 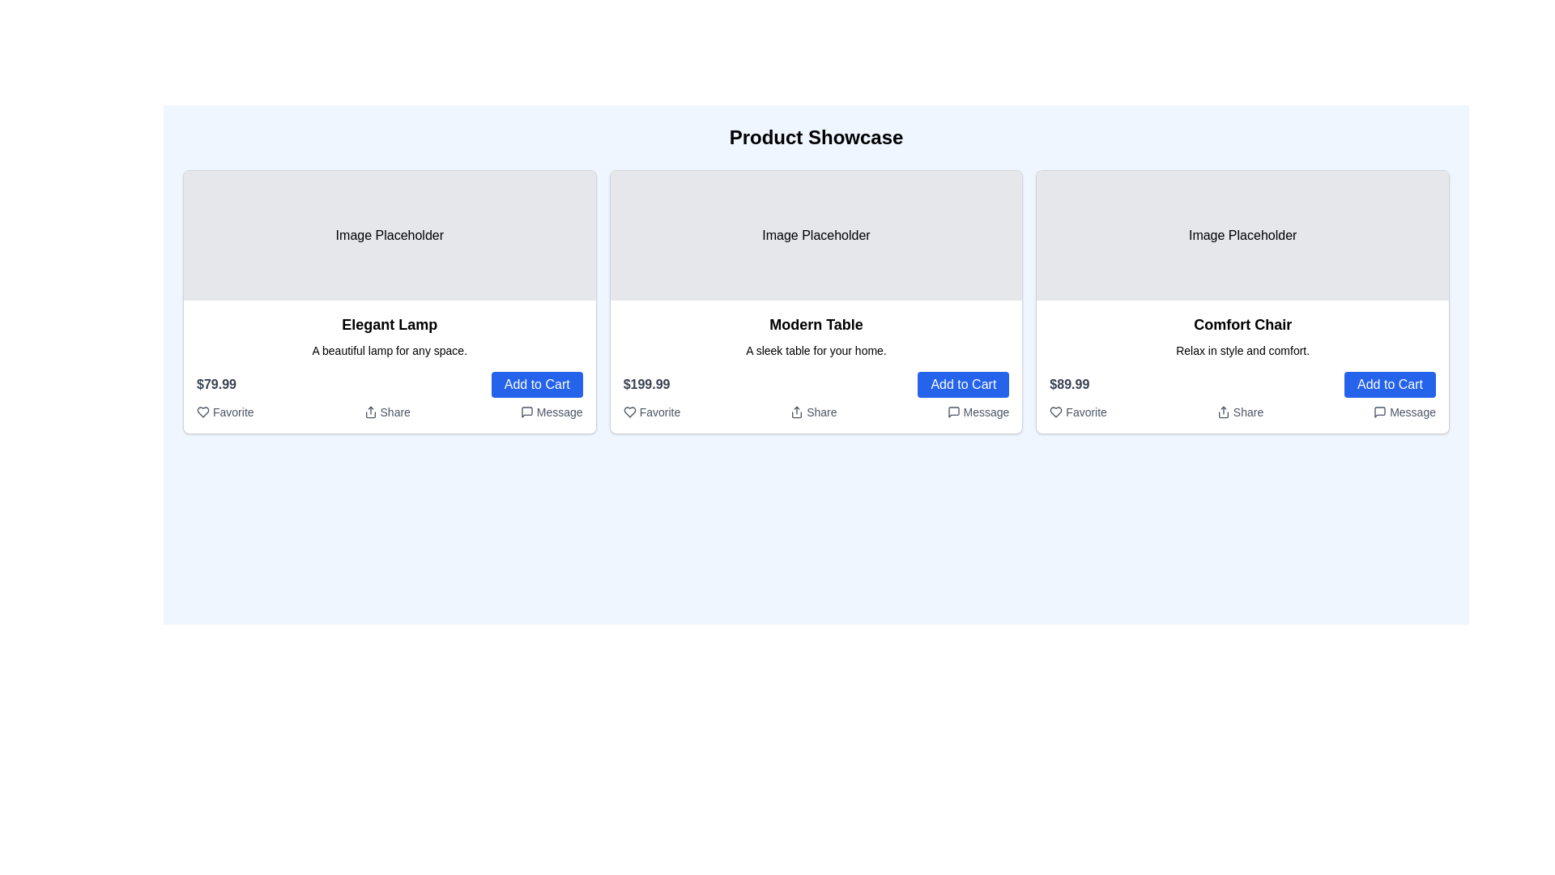 What do you see at coordinates (1078, 412) in the screenshot?
I see `the favorite button located at the bottom left of the 'Comfort Chair' card to prepare for keyboard interaction` at bounding box center [1078, 412].